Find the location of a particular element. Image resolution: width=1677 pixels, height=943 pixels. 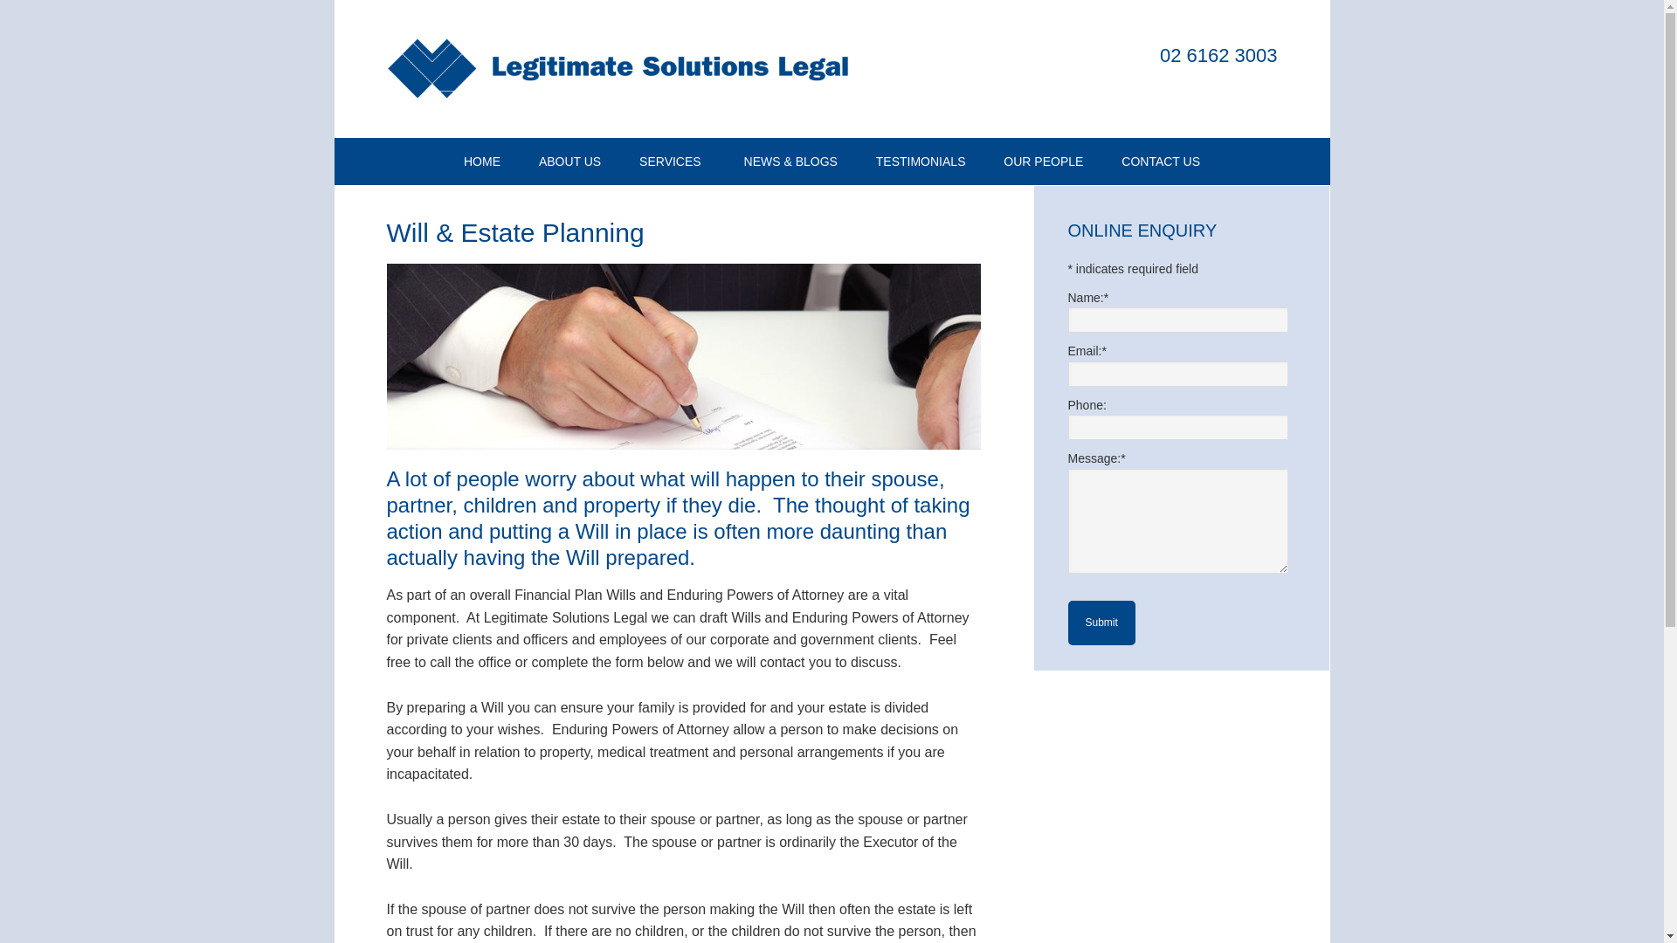

'TESTIMONIALS' is located at coordinates (859, 162).